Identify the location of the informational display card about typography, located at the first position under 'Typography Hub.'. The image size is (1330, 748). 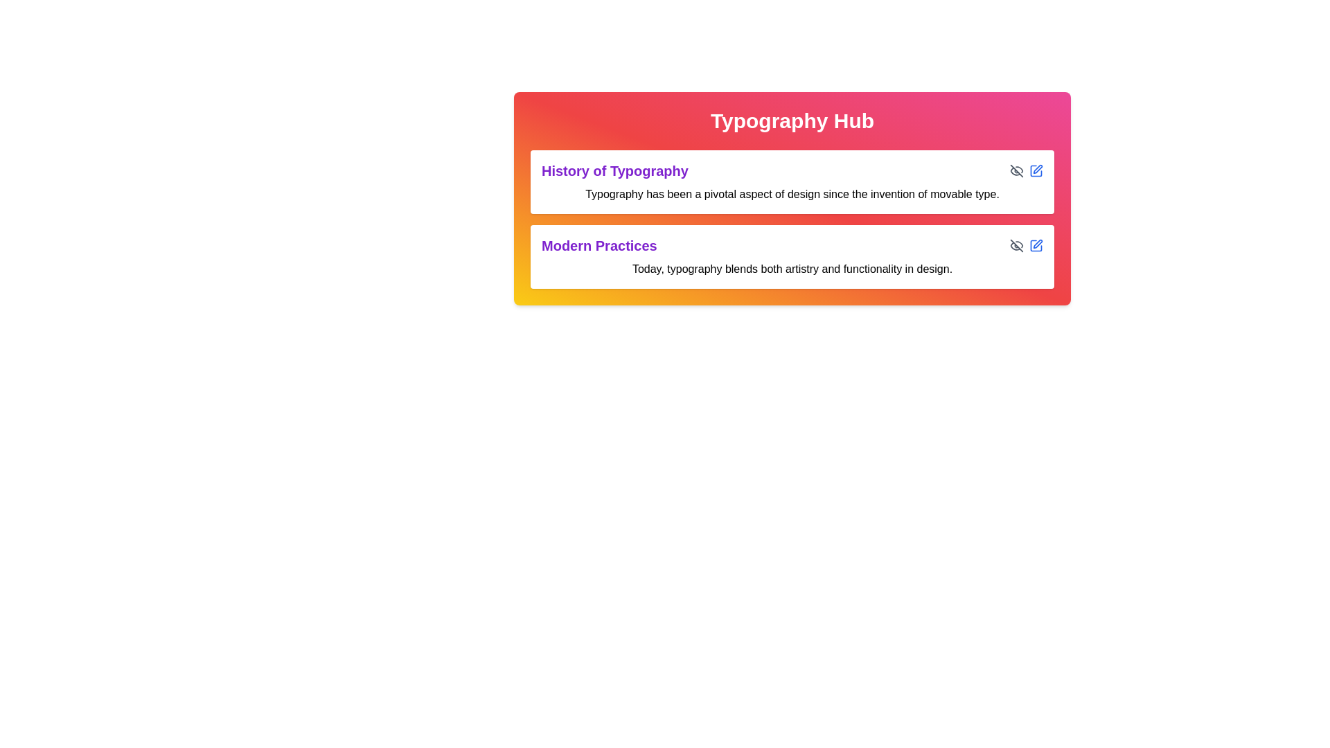
(792, 181).